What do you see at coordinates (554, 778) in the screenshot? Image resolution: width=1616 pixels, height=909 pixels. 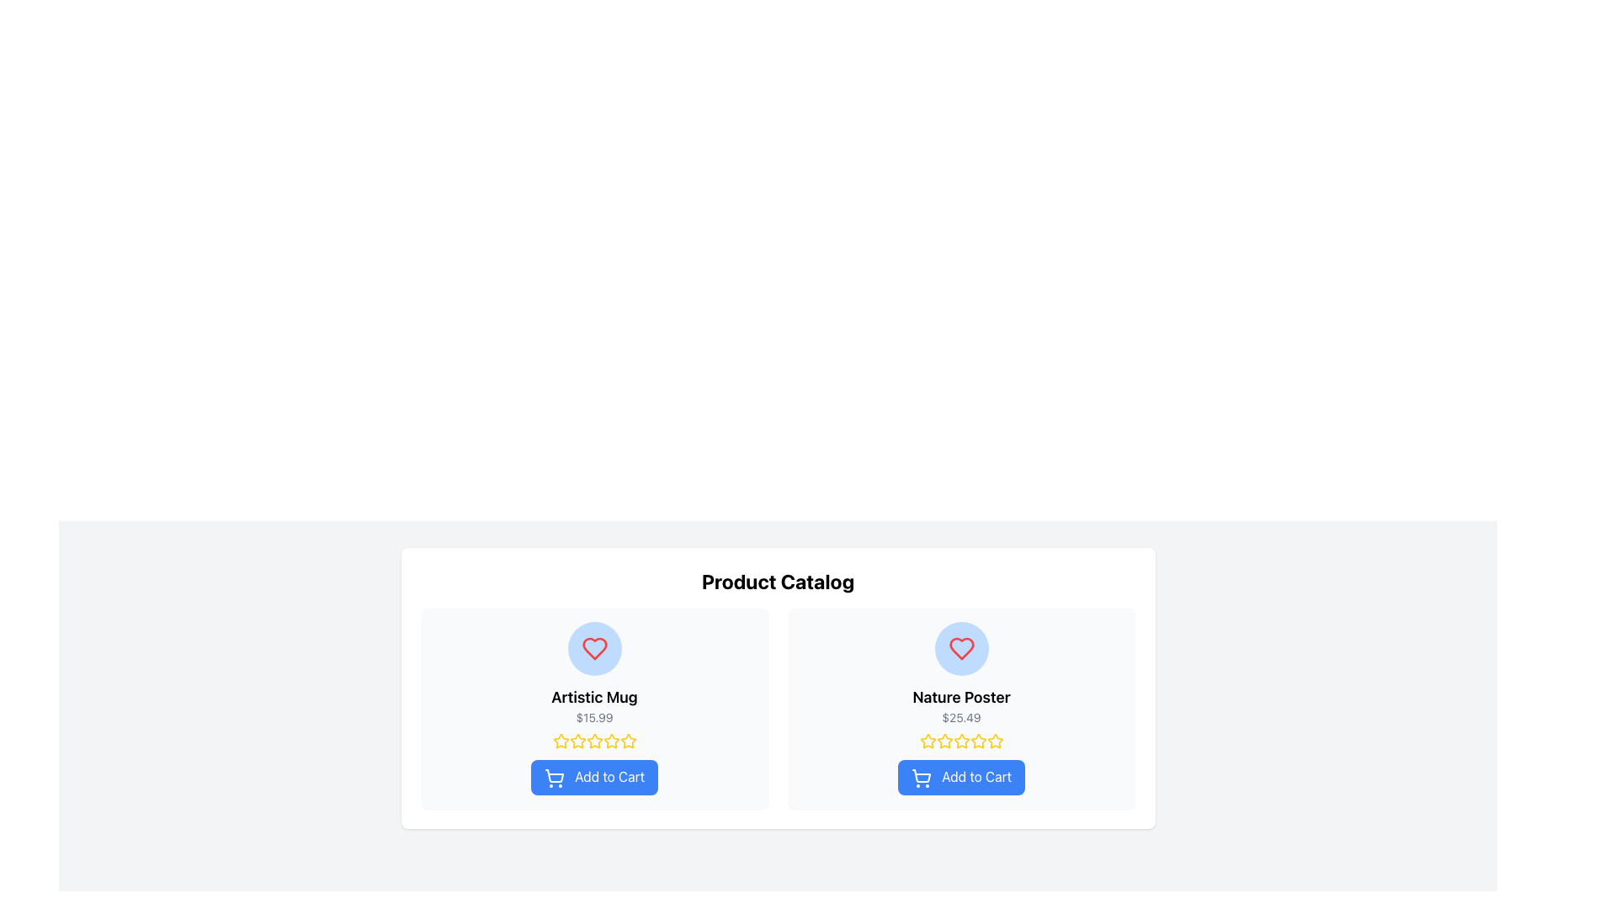 I see `the shopping cart icon within the 'Add to Cart' button for the 'Artistic Mug' product card` at bounding box center [554, 778].